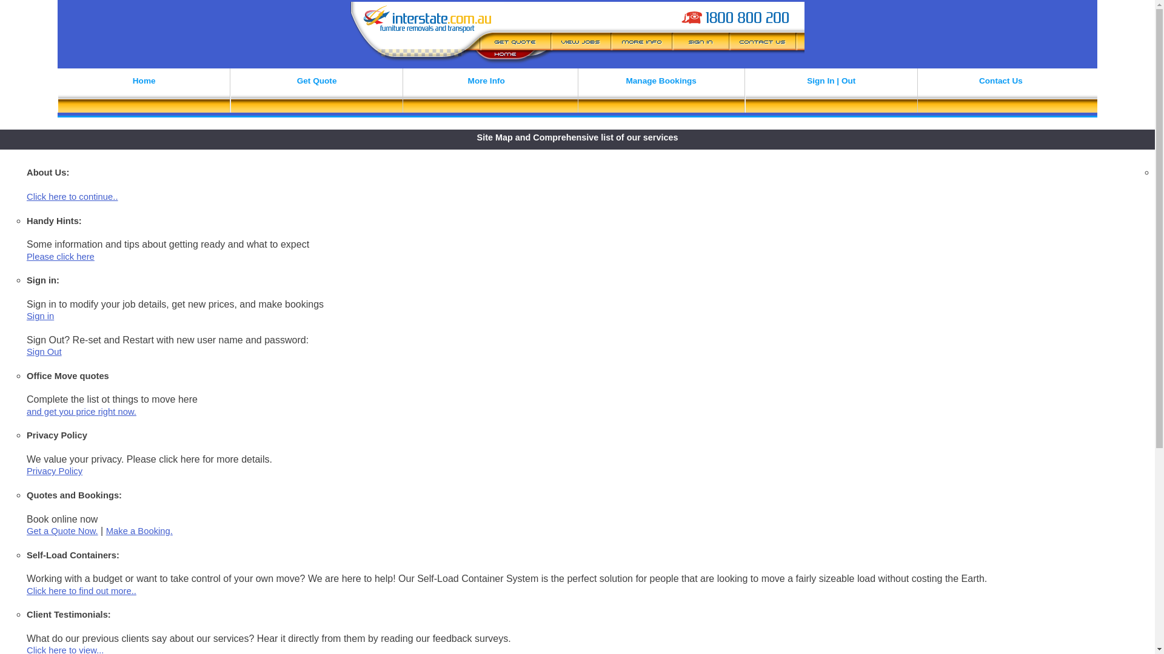 This screenshot has height=654, width=1164. I want to click on 'Sign in', so click(26, 315).